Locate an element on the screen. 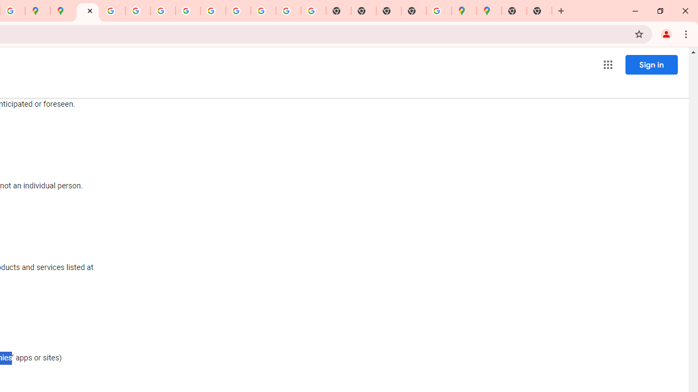 This screenshot has width=698, height=392. 'Privacy Help Center - Policies Help' is located at coordinates (137, 11).